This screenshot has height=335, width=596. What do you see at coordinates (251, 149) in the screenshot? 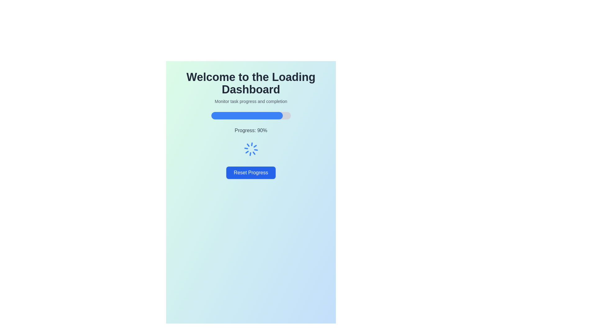
I see `the Loading Spinner element, which is a circular blue loading indicator located beneath the 'Progress: 90%' text and above the 'Reset Progress' button` at bounding box center [251, 149].